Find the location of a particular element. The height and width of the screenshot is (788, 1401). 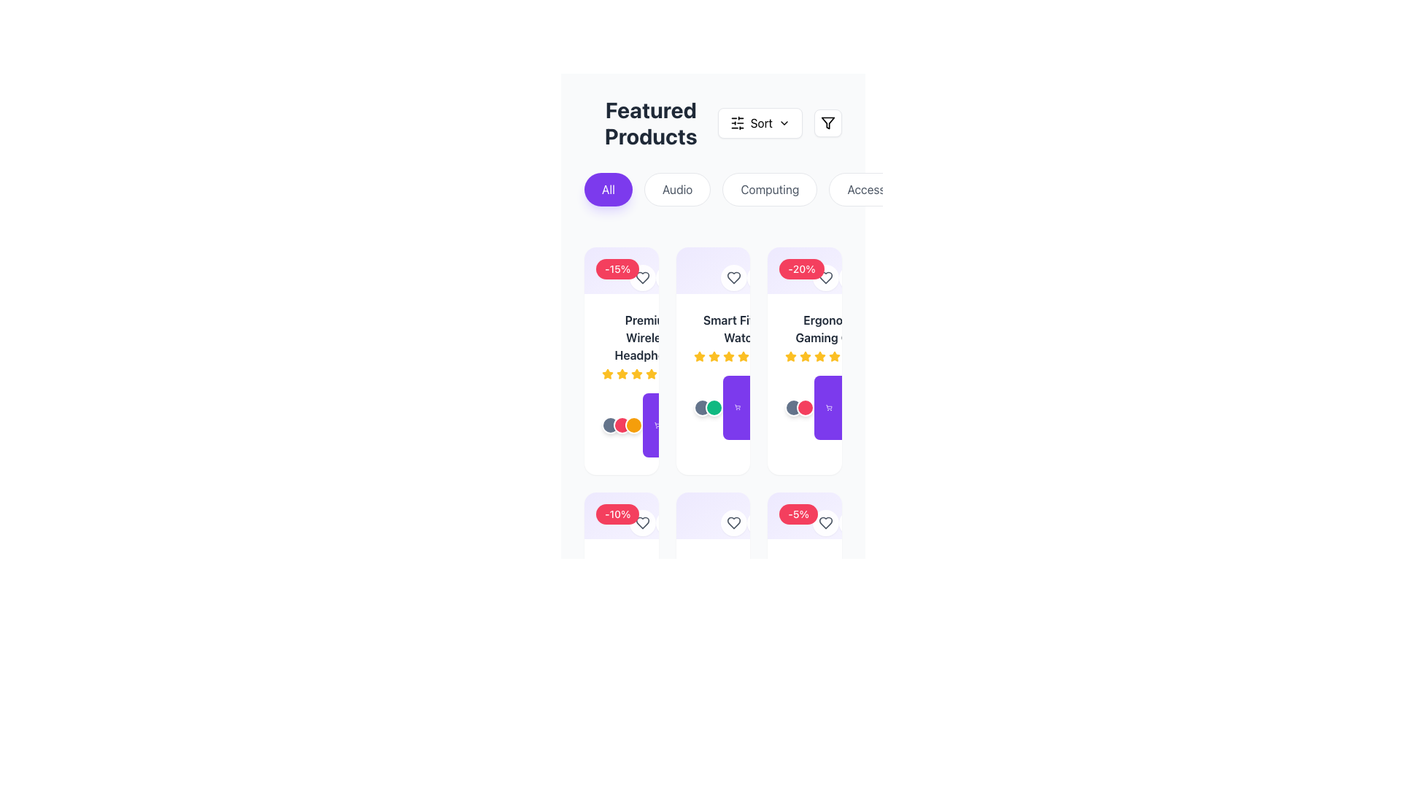

the third star-shaped icon with a gold tint in the rating component of the 'Smart Fitness Watch' product card is located at coordinates (698, 356).